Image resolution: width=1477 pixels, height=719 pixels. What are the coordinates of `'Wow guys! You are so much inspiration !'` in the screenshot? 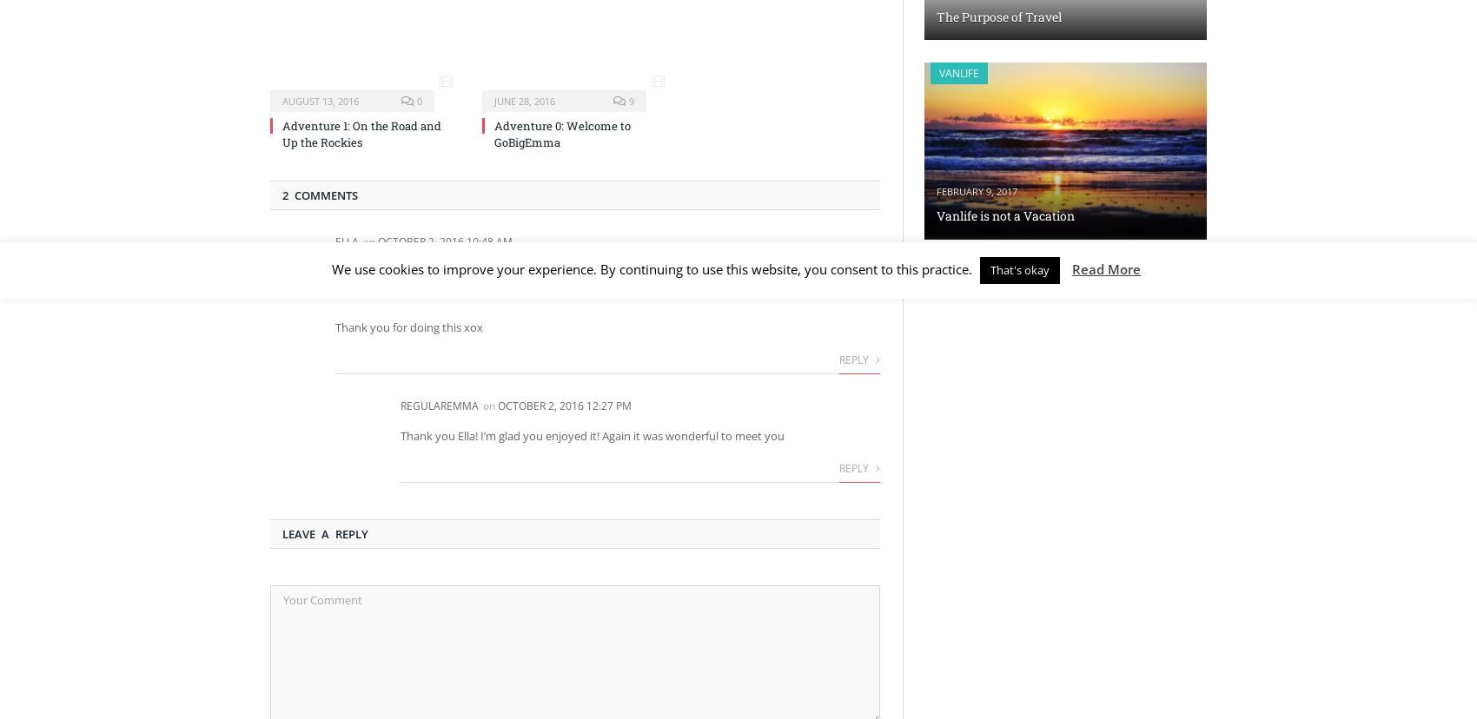 It's located at (334, 269).